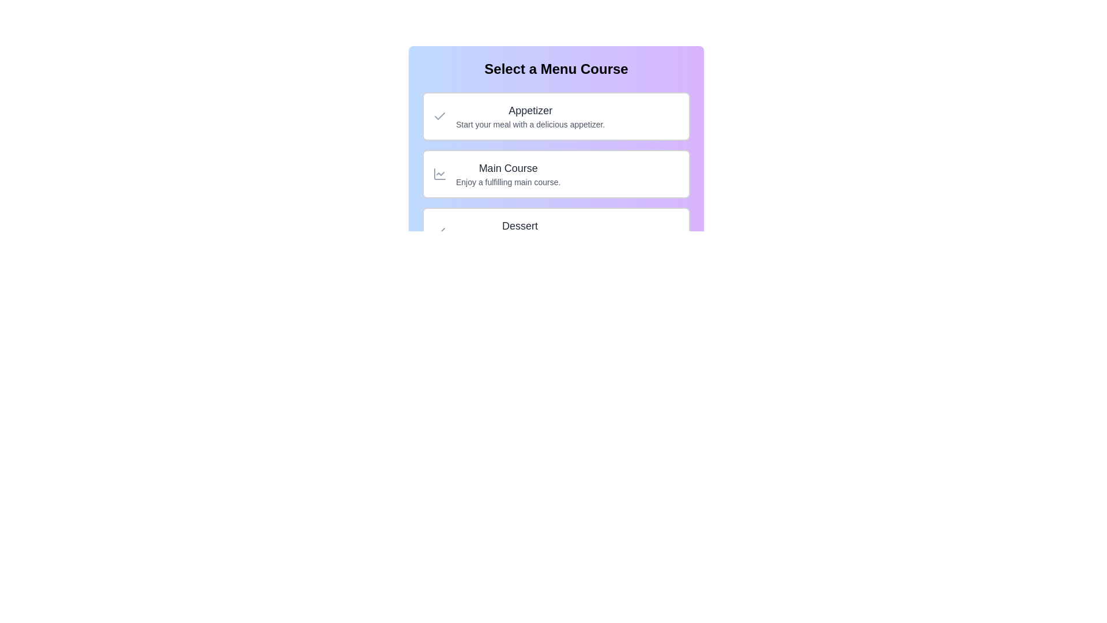  I want to click on the second selectable menu card representing the main course option in the meal selection list, positioned between 'Appetizer' and 'Dessert', so click(556, 174).